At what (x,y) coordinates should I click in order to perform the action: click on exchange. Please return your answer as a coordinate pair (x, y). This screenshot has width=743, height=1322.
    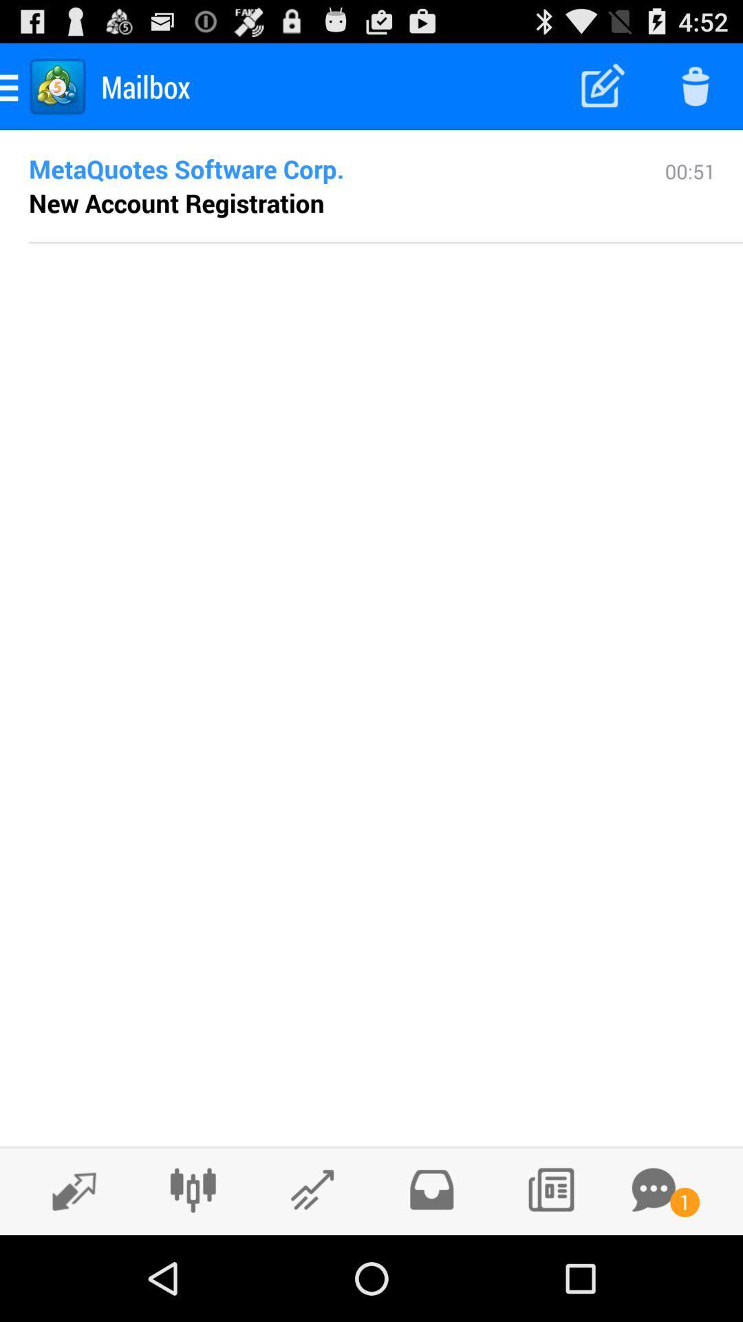
    Looking at the image, I should click on (67, 1190).